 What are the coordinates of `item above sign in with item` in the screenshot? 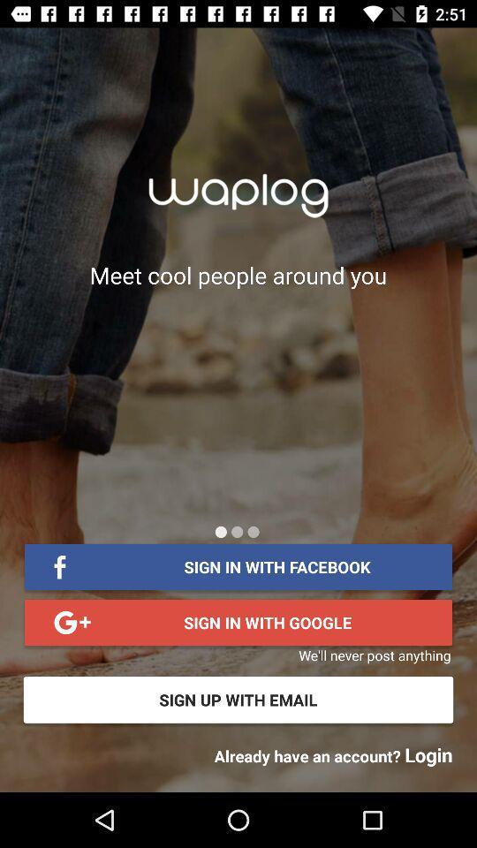 It's located at (237, 531).